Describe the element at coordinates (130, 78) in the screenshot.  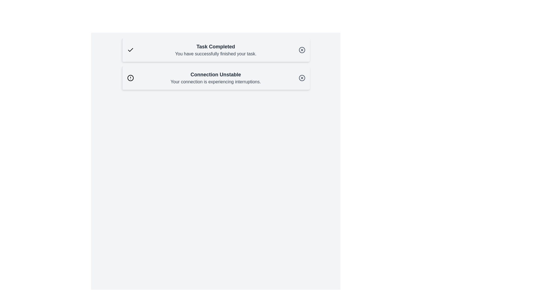
I see `the circular icon with a black outline located in the second notification titled 'Connection Unstable'` at that location.